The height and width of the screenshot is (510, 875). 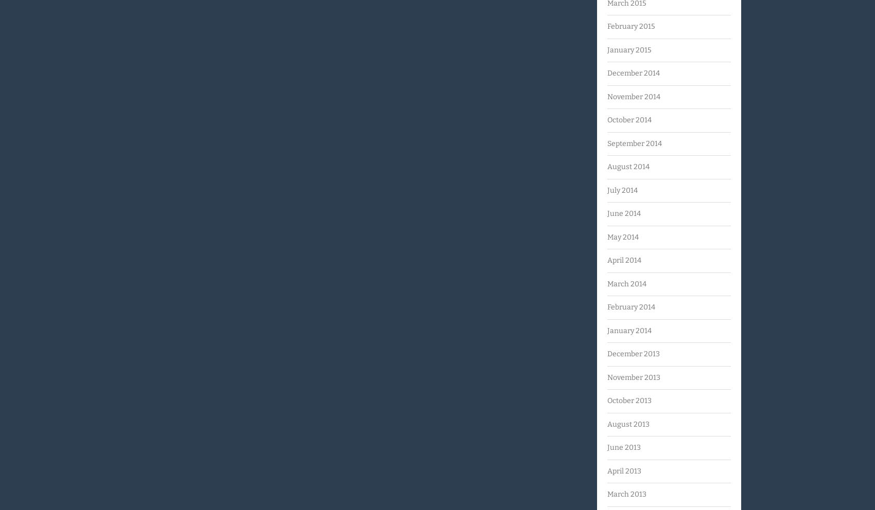 What do you see at coordinates (606, 96) in the screenshot?
I see `'November 2014'` at bounding box center [606, 96].